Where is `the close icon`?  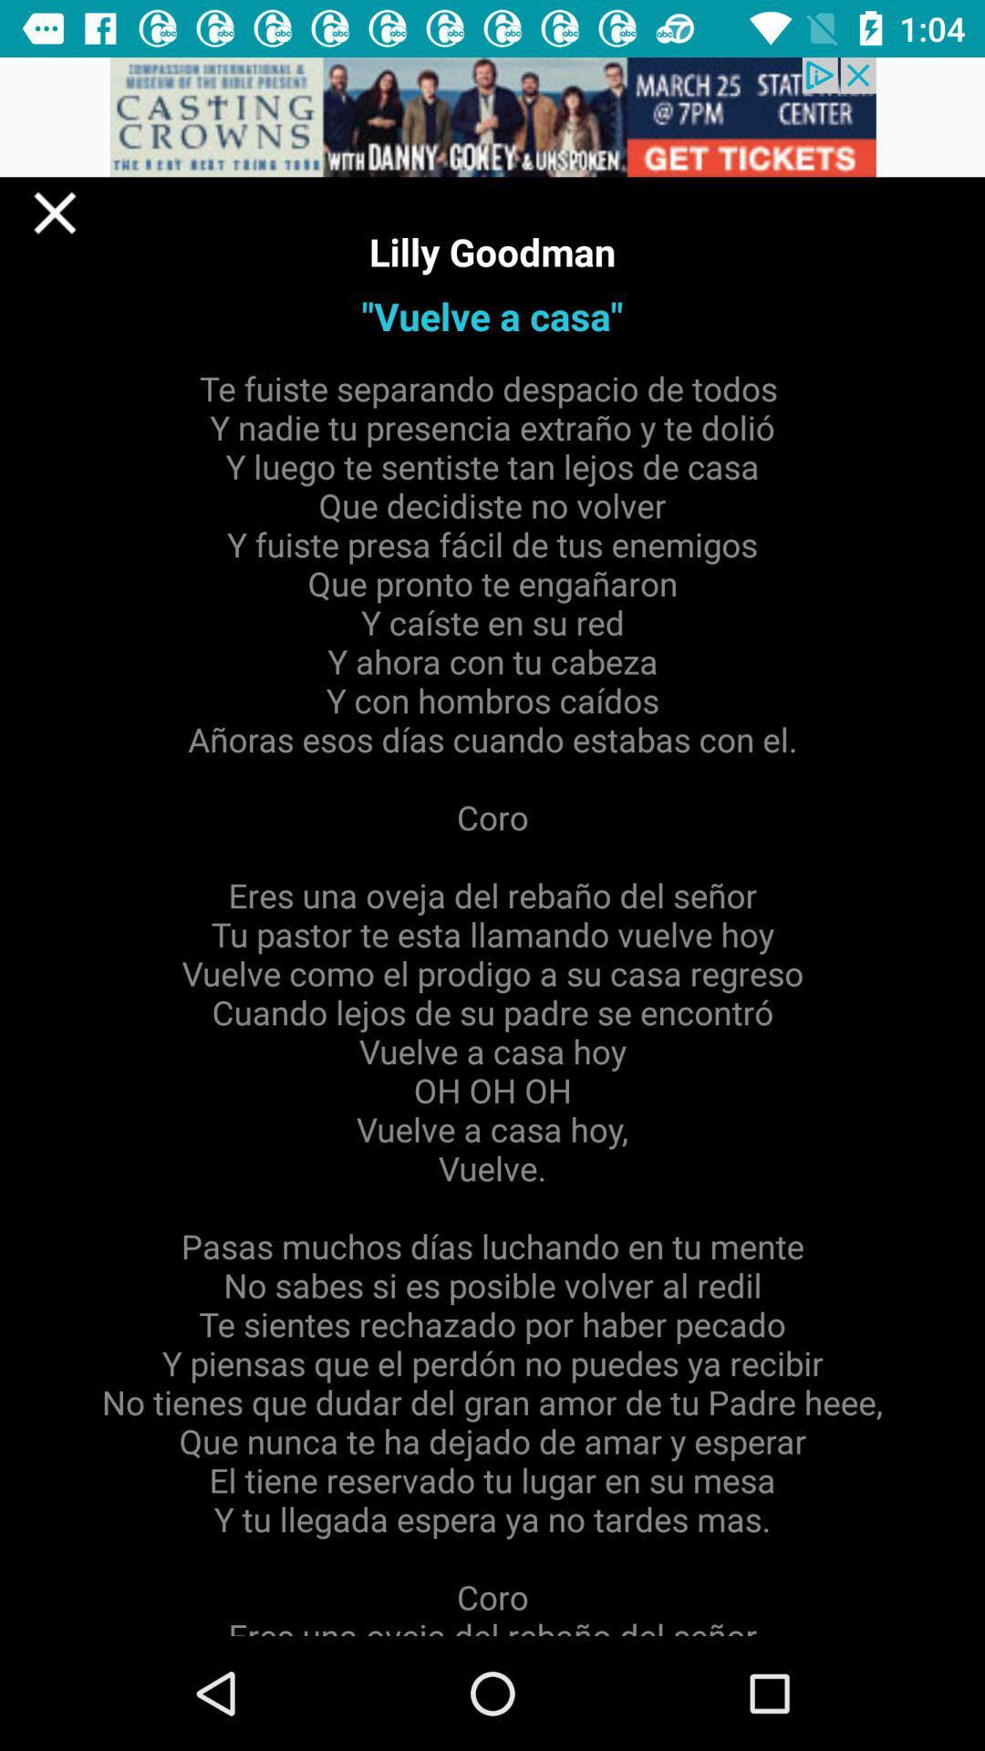 the close icon is located at coordinates (54, 212).